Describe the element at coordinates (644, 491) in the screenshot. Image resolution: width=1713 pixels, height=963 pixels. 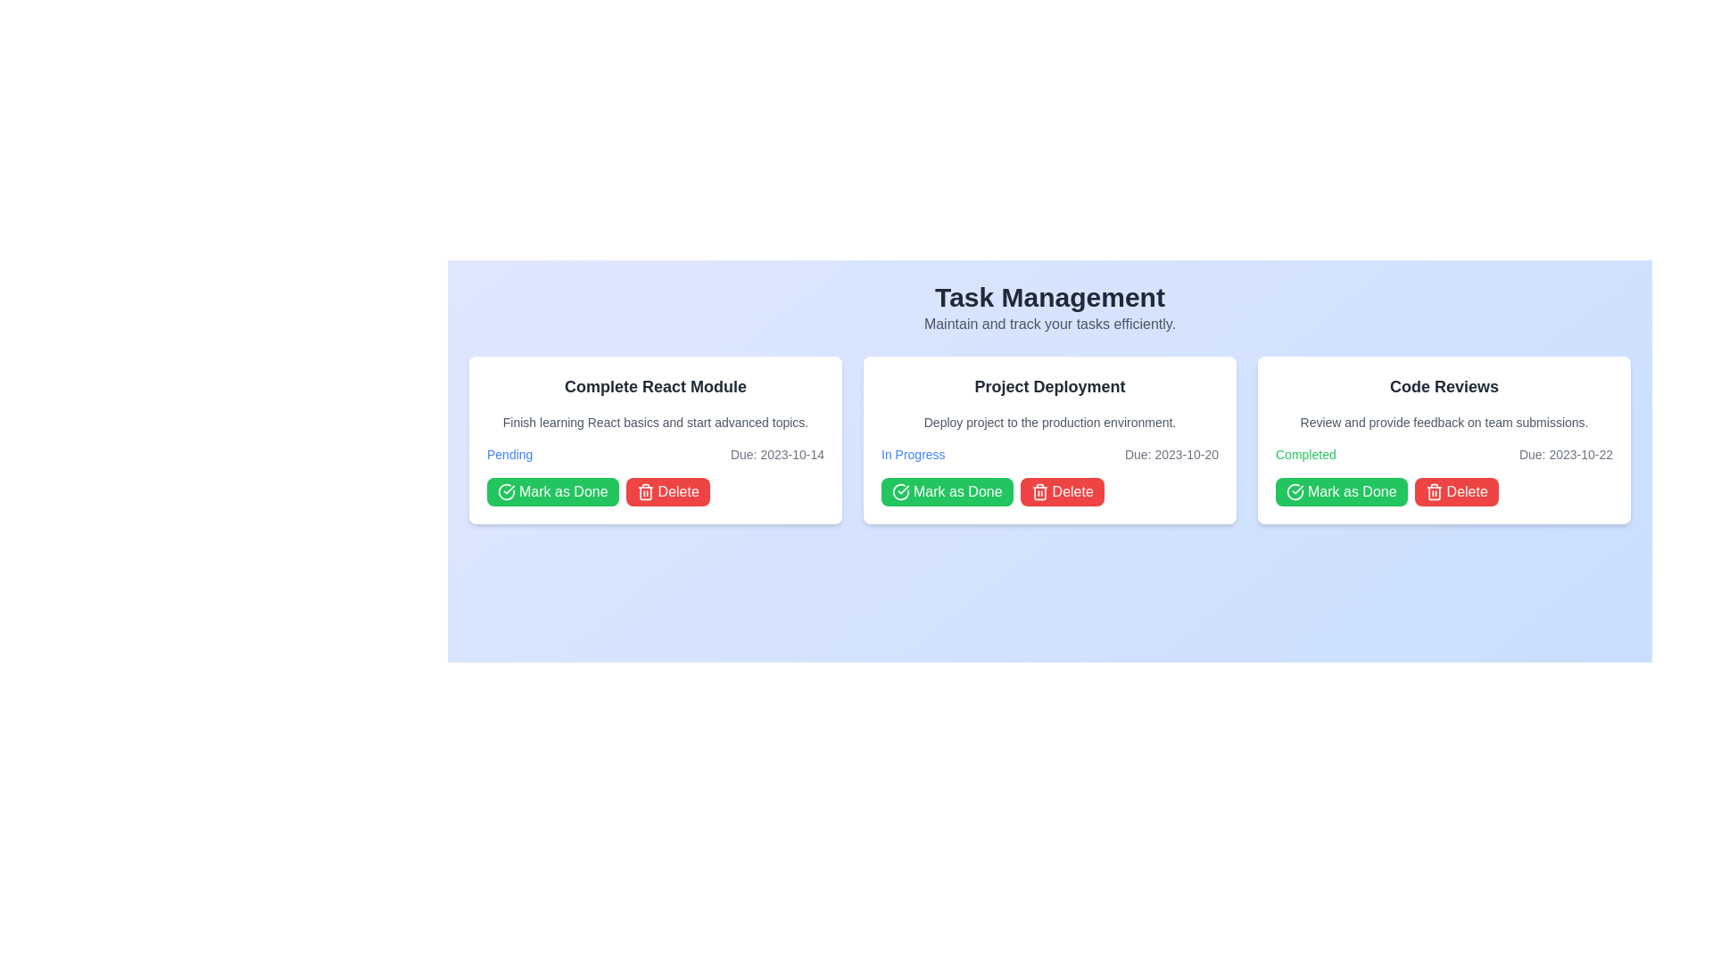
I see `the delete icon within the 'Delete' button of the 'Complete React Module' task card` at that location.